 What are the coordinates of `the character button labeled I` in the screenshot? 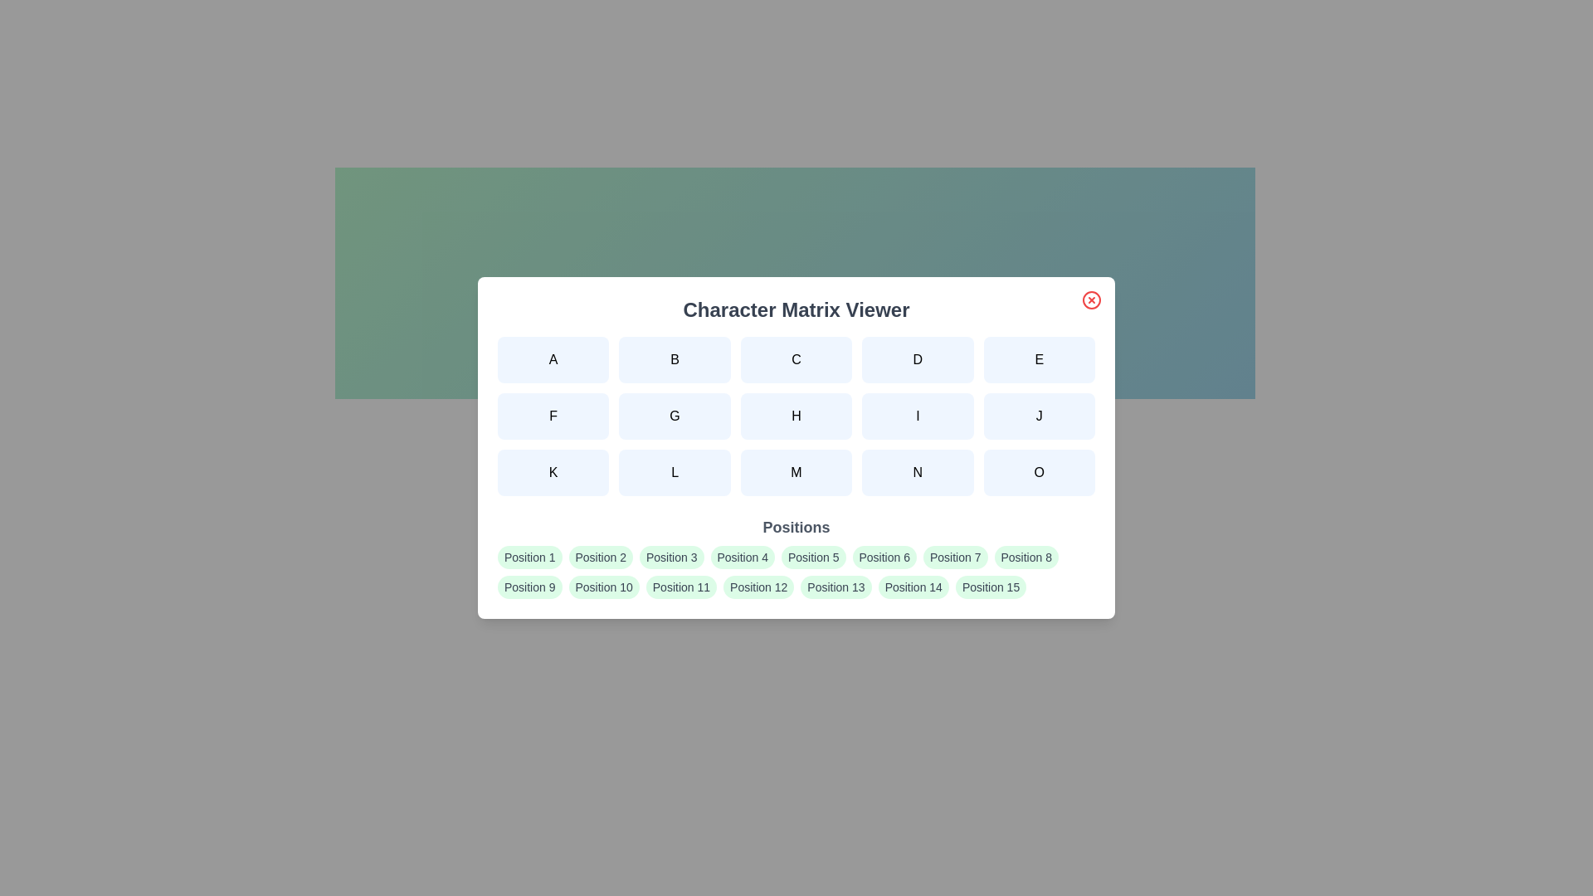 It's located at (916, 415).